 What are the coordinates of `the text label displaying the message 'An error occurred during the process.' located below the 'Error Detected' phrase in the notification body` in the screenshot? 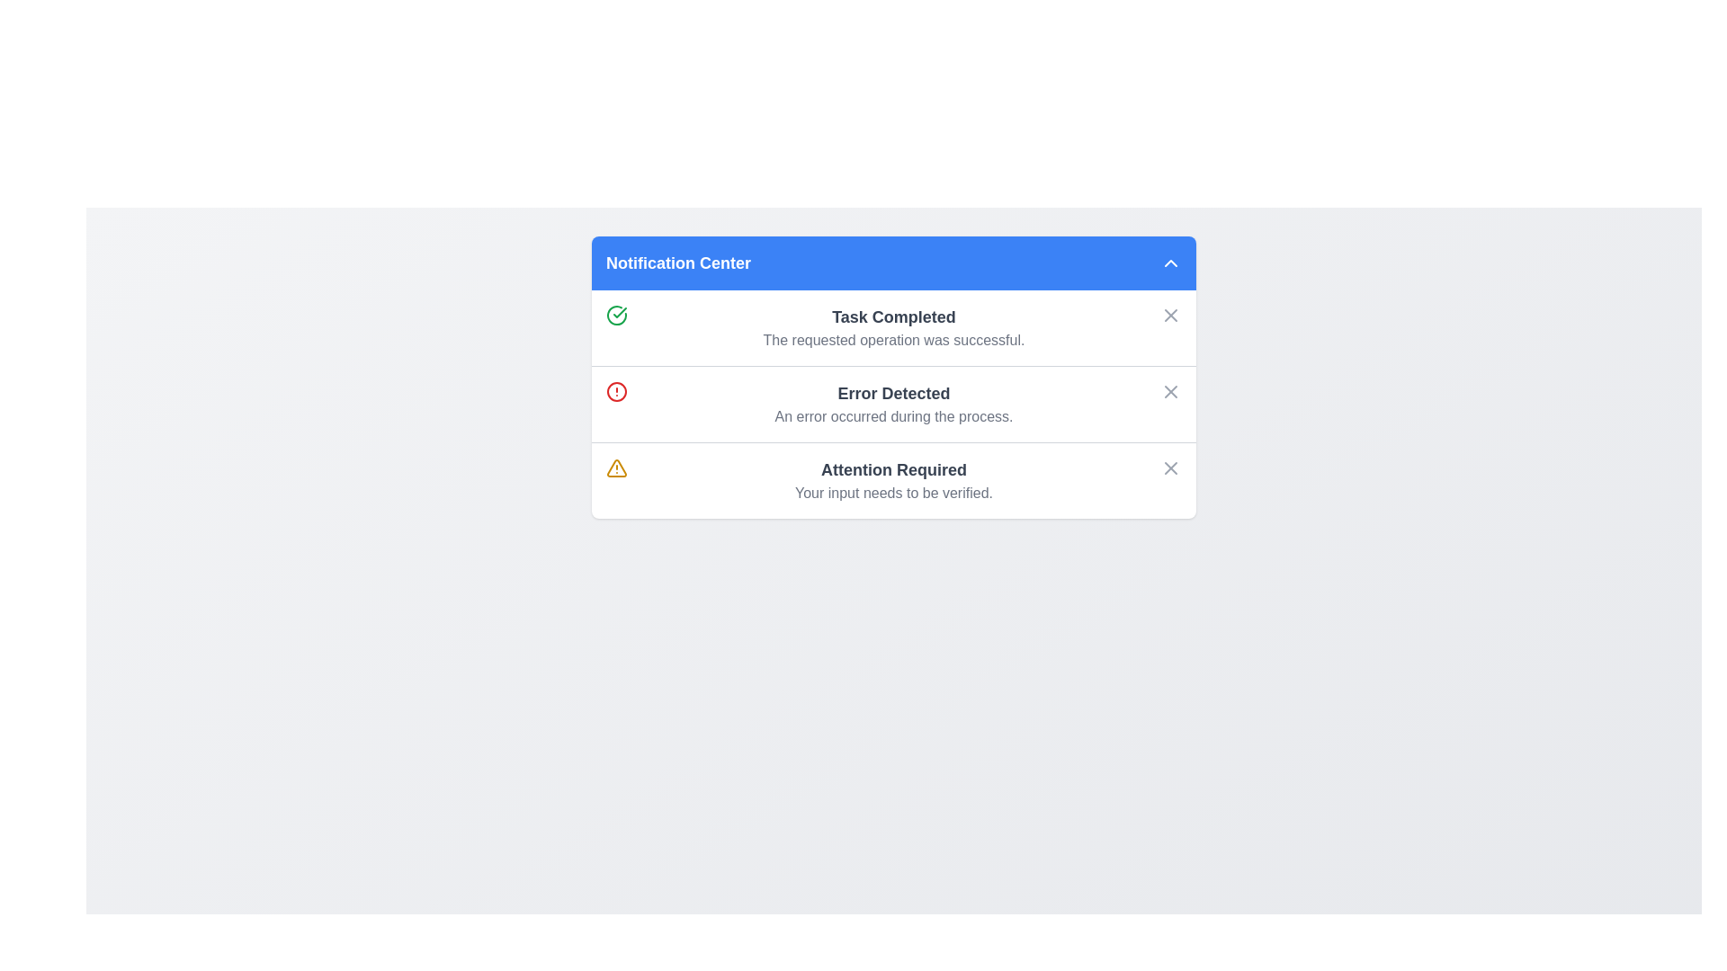 It's located at (893, 416).